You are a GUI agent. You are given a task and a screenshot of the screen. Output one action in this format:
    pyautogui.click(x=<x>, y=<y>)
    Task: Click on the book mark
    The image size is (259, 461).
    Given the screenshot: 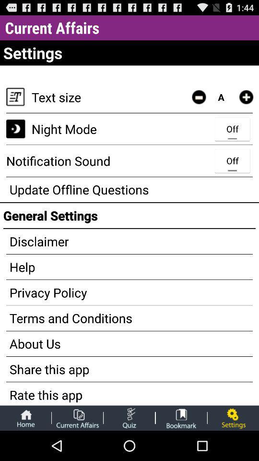 What is the action you would take?
    pyautogui.click(x=181, y=417)
    